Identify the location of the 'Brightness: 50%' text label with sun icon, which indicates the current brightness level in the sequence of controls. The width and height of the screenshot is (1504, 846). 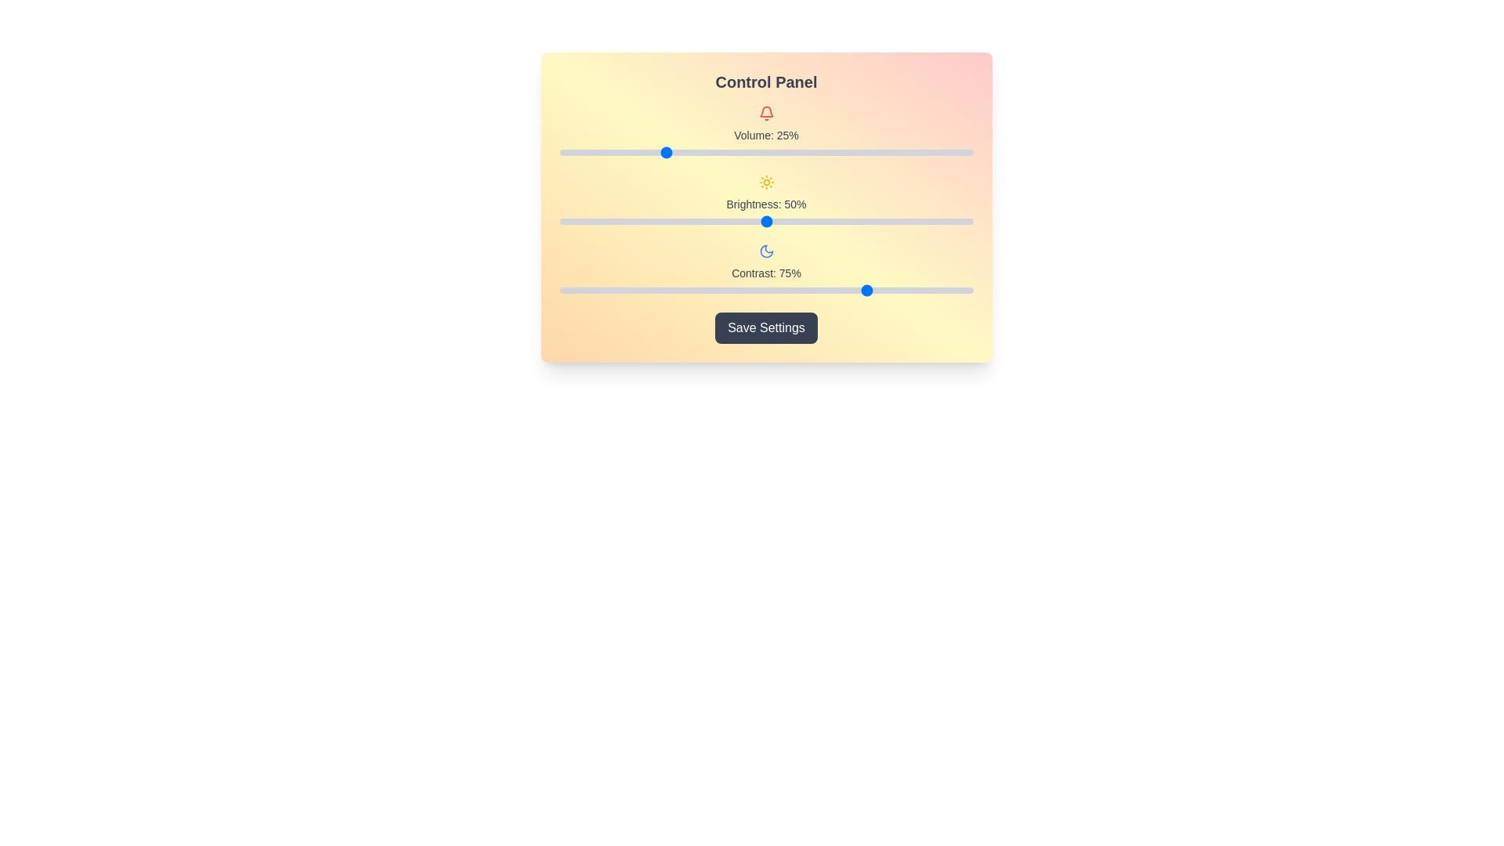
(766, 198).